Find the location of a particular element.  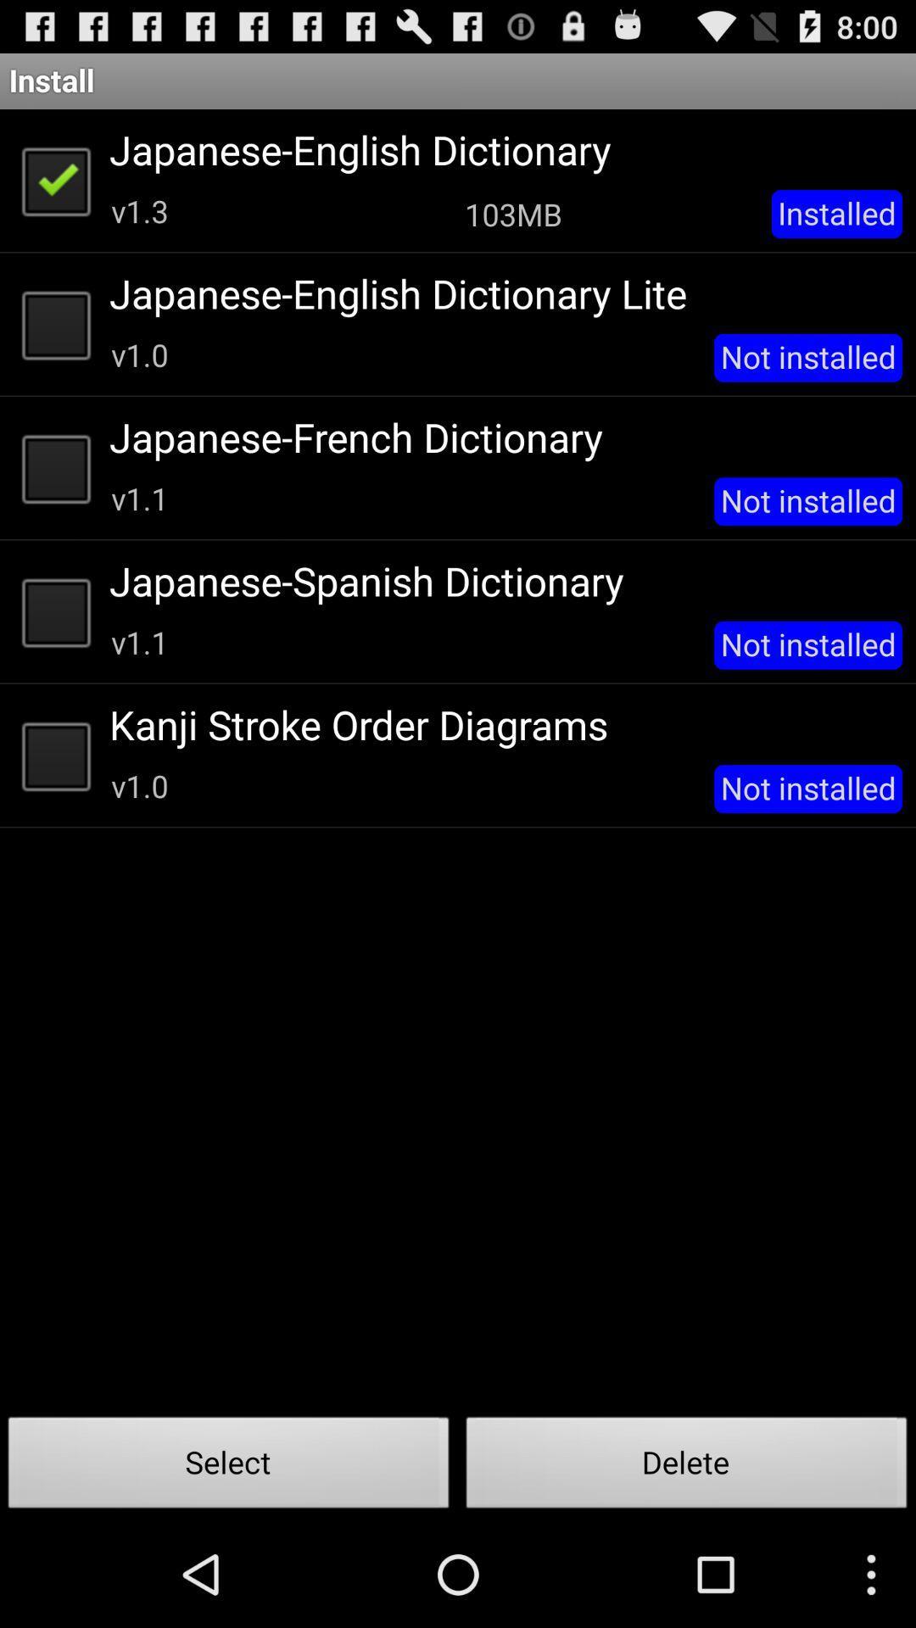

the icon next to the v1.3 app is located at coordinates (512, 213).